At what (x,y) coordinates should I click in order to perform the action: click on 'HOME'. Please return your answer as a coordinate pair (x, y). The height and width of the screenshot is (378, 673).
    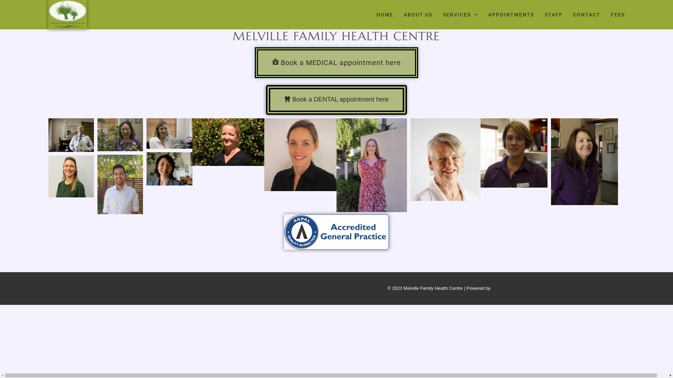
    Looking at the image, I should click on (376, 15).